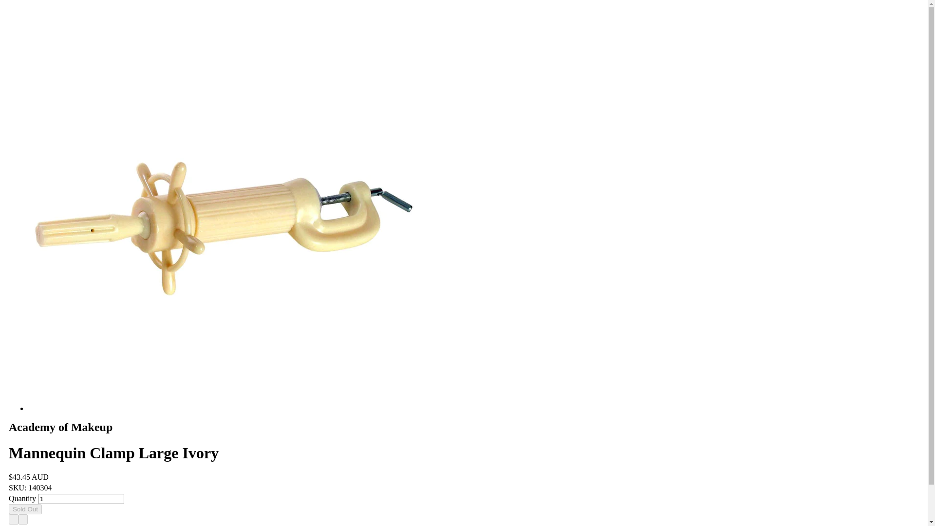  What do you see at coordinates (23, 519) in the screenshot?
I see `' '` at bounding box center [23, 519].